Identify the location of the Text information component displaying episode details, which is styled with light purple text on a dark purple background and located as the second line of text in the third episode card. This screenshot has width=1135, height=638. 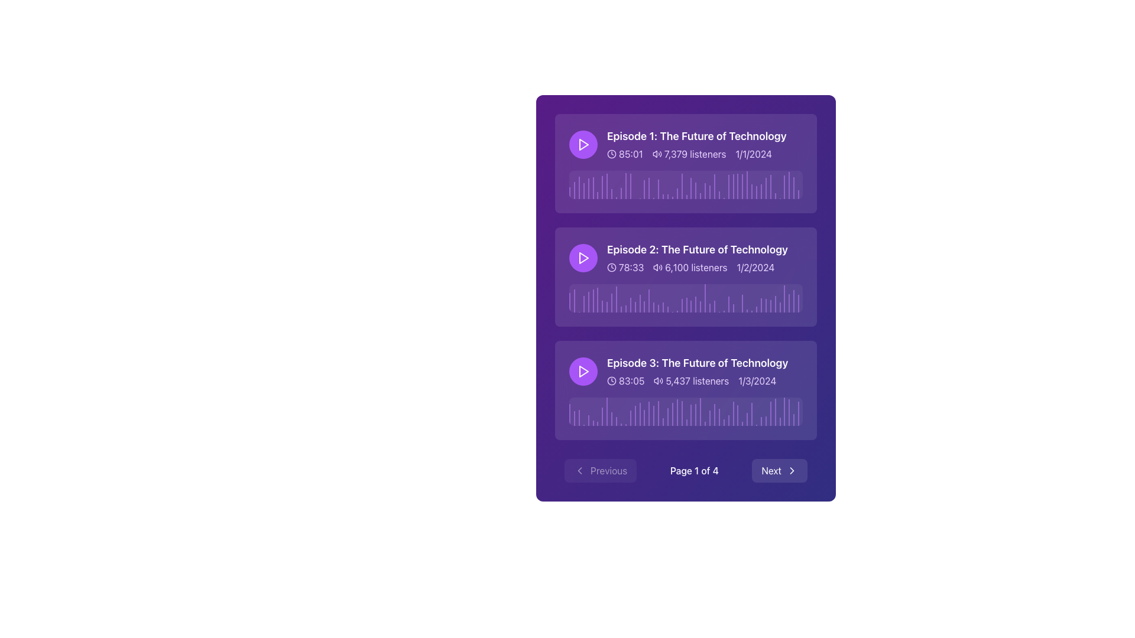
(698, 380).